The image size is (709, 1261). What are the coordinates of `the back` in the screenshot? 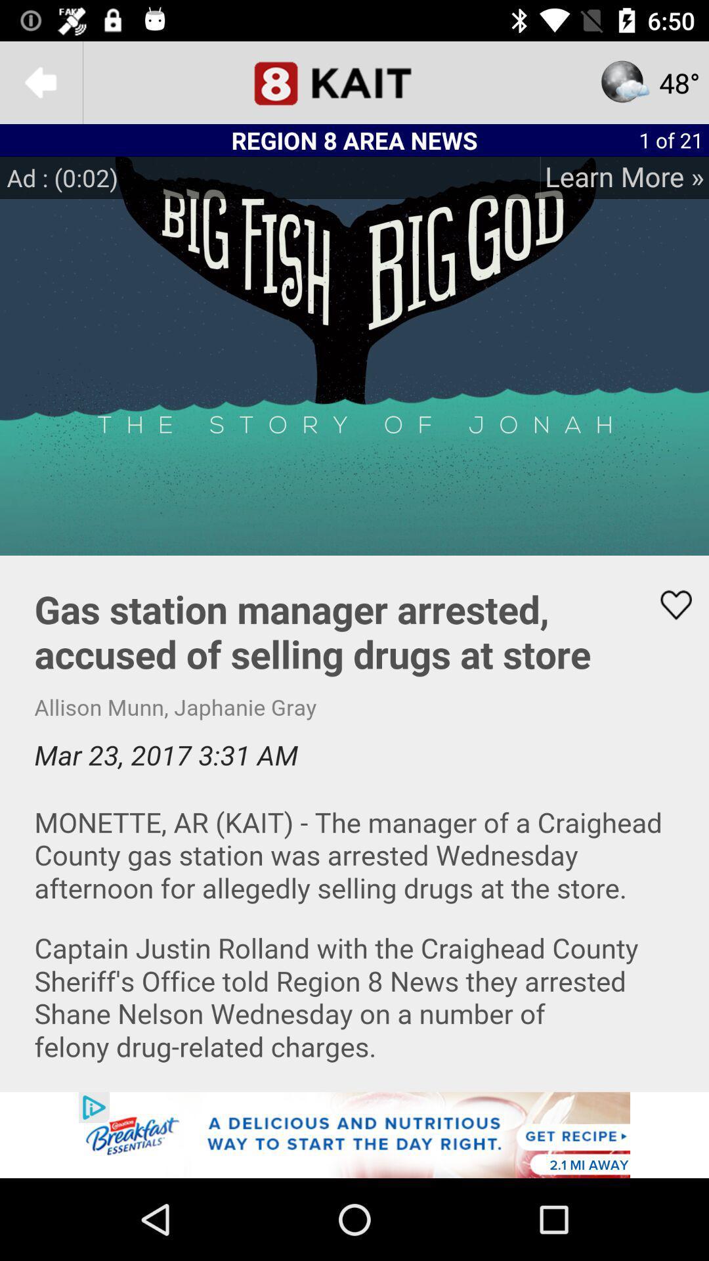 It's located at (40, 81).